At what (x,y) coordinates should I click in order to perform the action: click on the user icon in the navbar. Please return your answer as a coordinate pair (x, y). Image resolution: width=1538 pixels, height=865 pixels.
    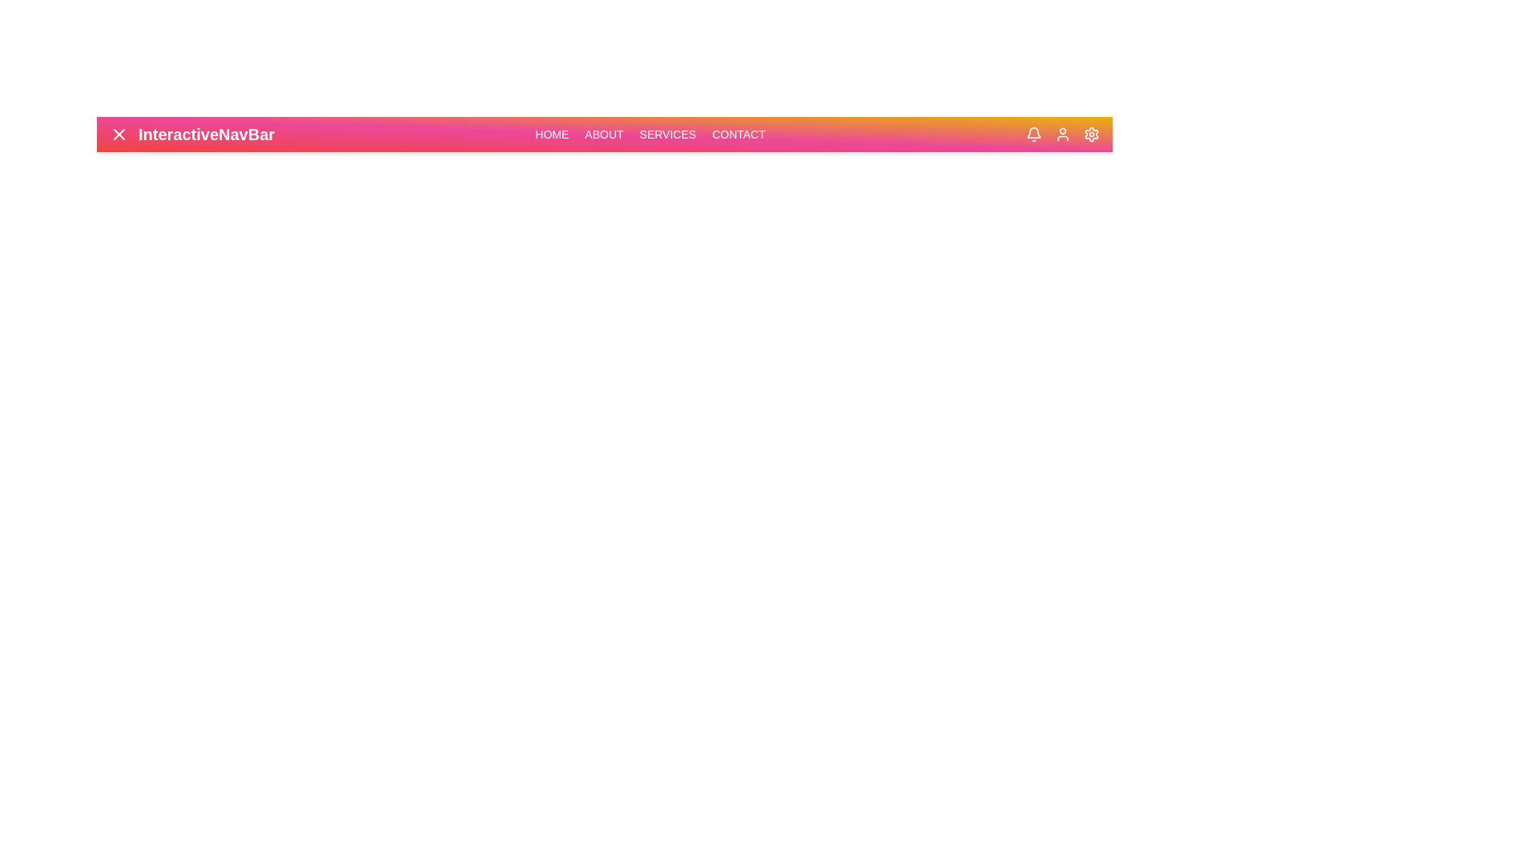
    Looking at the image, I should click on (1062, 134).